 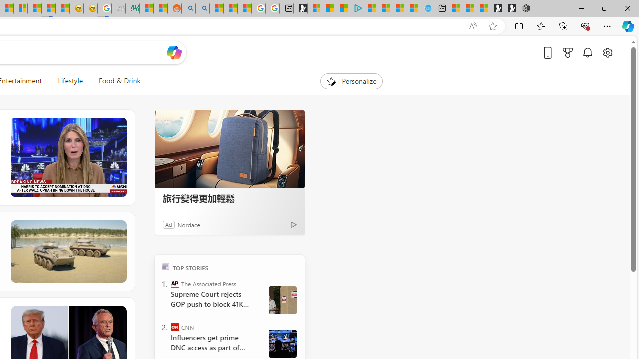 What do you see at coordinates (293, 224) in the screenshot?
I see `'Ad Choice'` at bounding box center [293, 224].